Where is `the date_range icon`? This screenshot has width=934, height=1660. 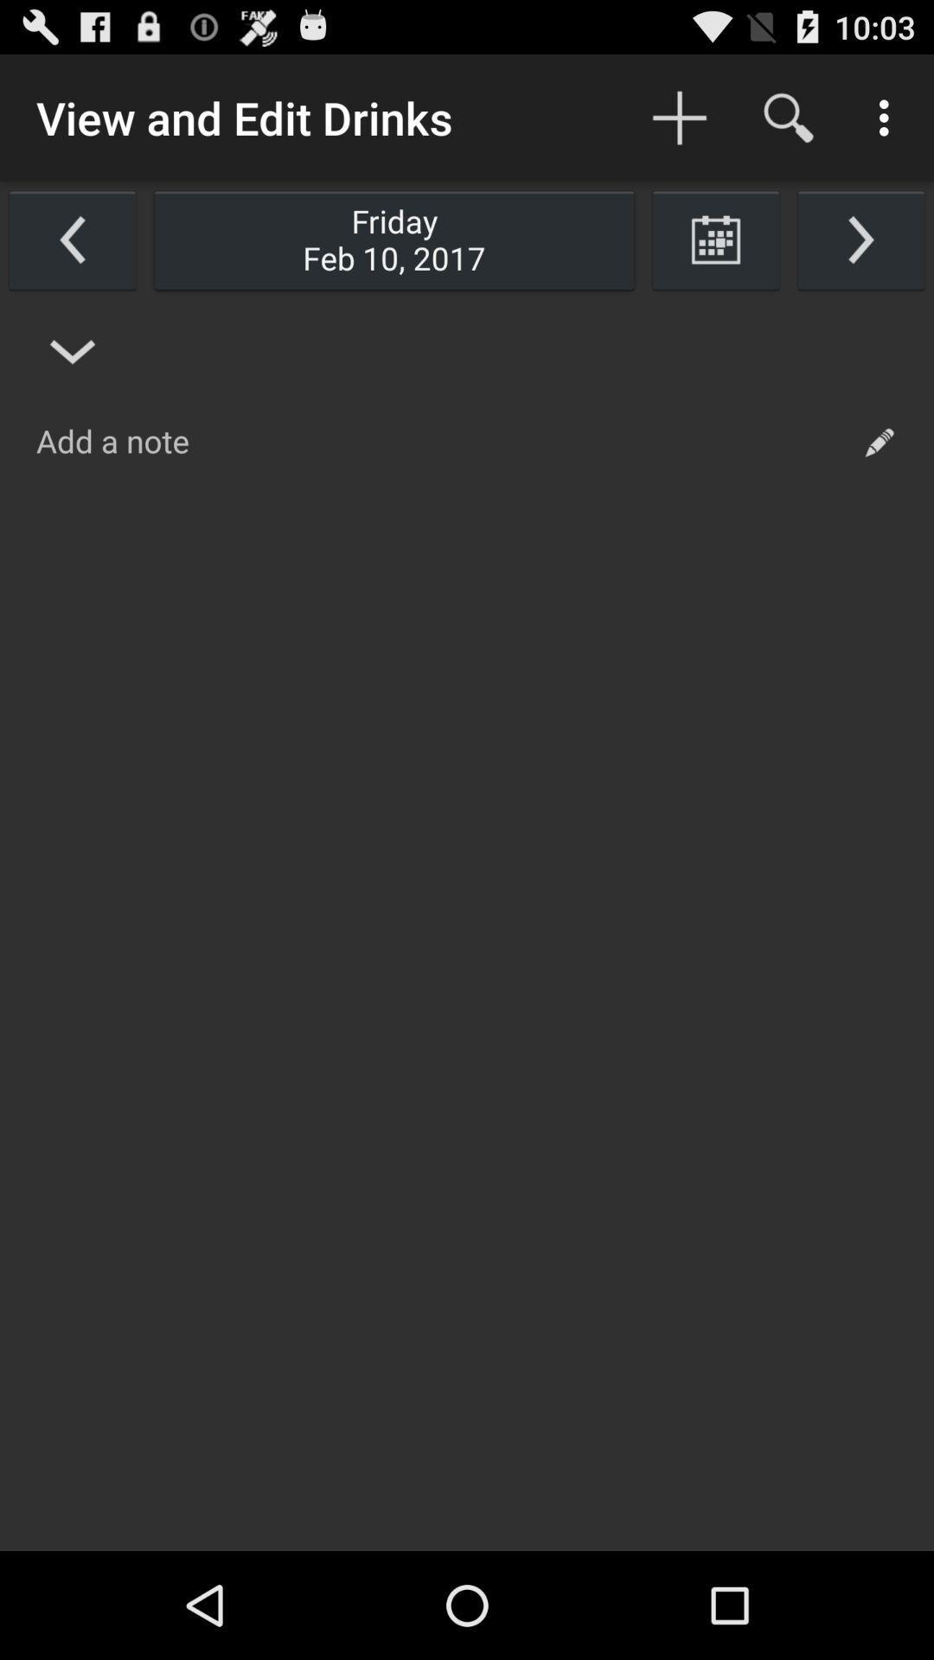 the date_range icon is located at coordinates (716, 255).